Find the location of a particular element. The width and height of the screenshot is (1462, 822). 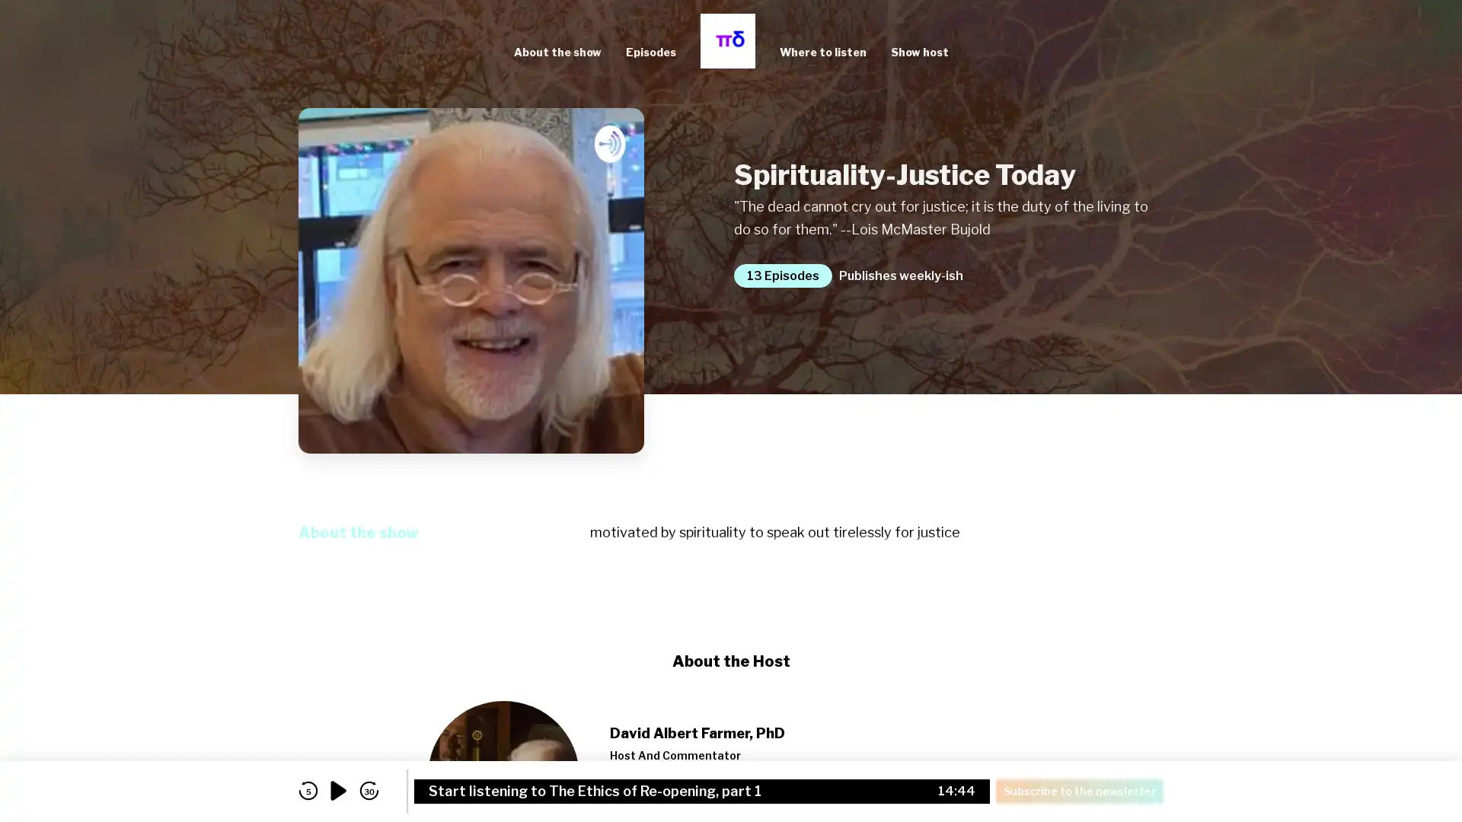

skip forward 30 seconds is located at coordinates (369, 790).